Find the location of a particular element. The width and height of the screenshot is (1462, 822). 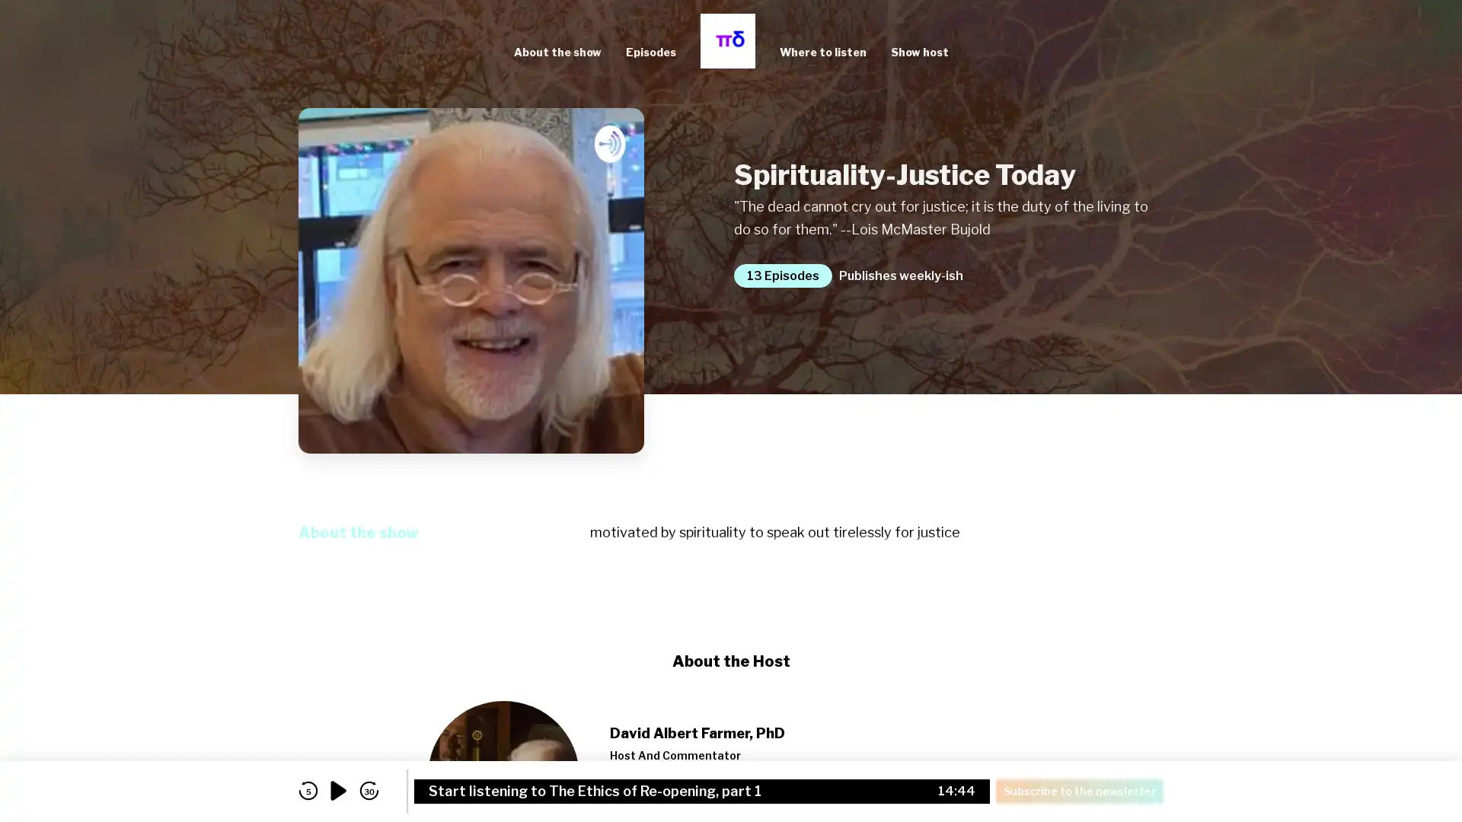

skip forward 30 seconds is located at coordinates (369, 790).